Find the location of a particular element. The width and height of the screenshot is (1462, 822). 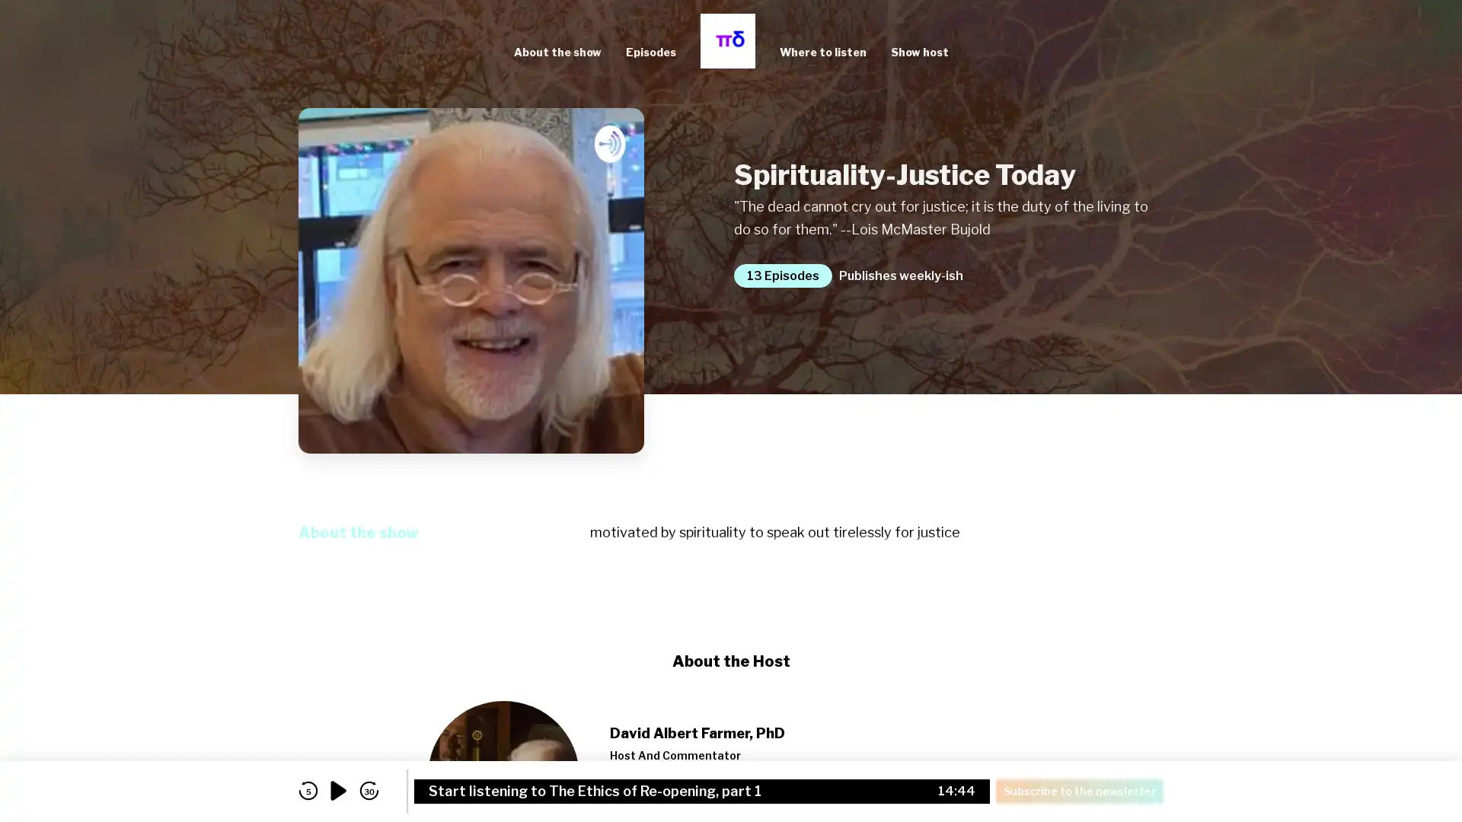

skip forward 30 seconds is located at coordinates (369, 790).